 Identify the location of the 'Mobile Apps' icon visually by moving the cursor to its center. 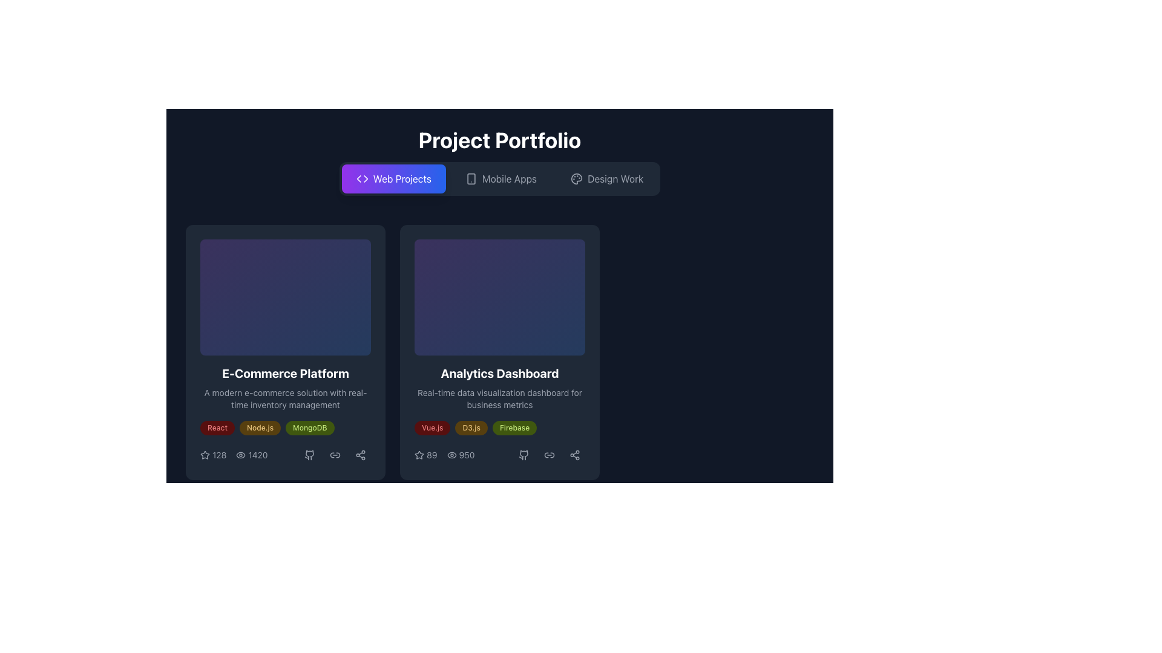
(470, 179).